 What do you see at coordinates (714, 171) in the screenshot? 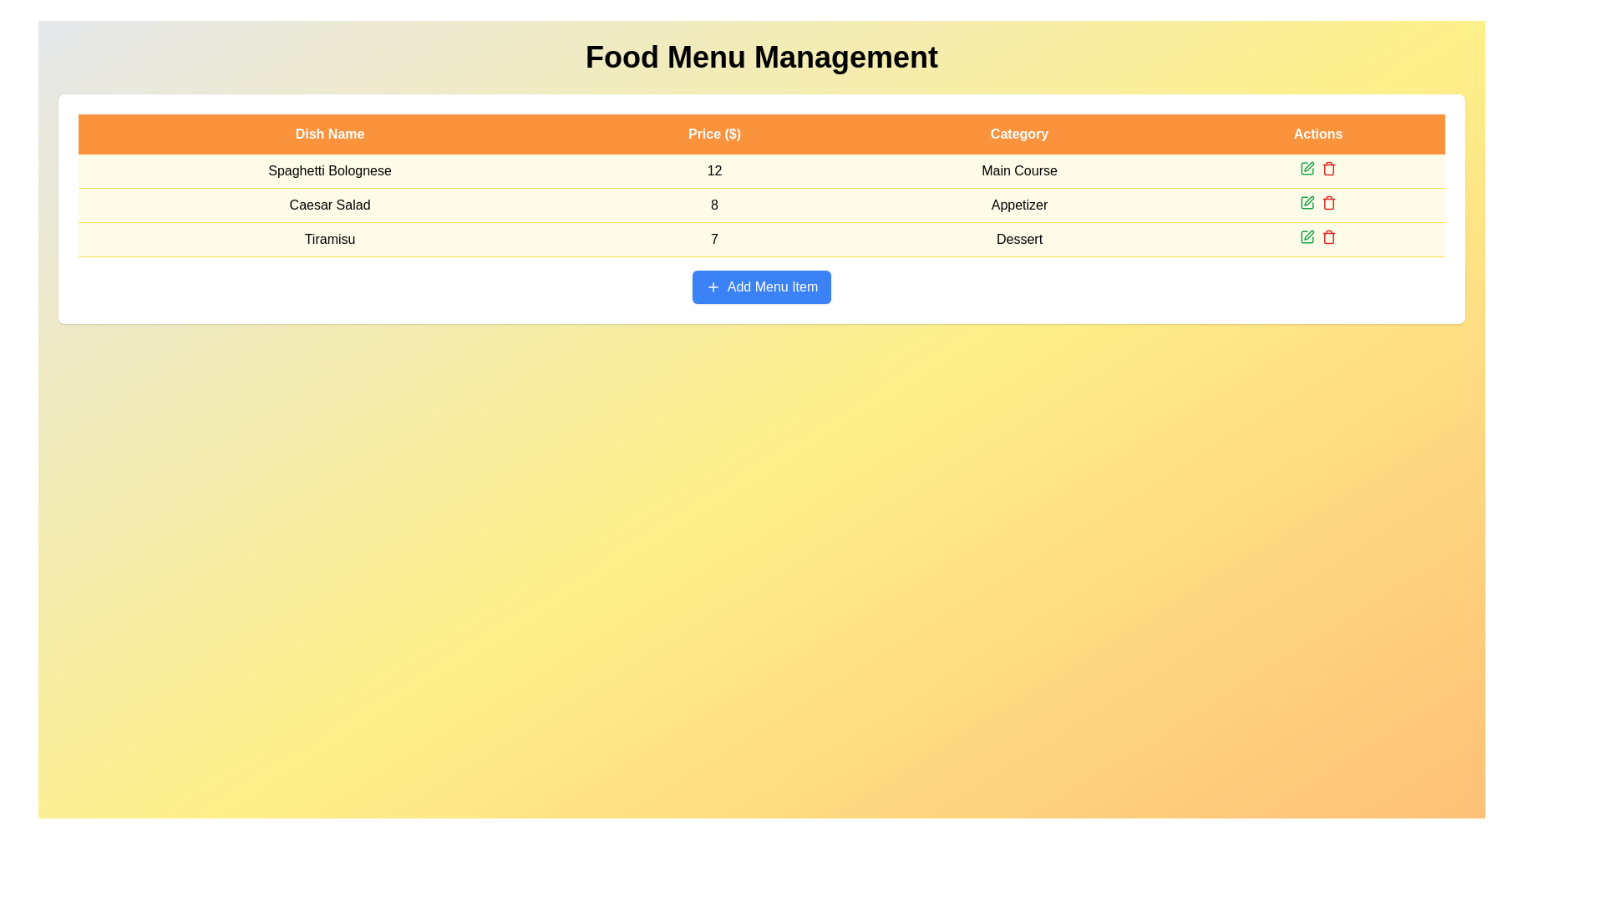
I see `the price label displaying the cost of 'Spaghetti Bolognese' in the 'Price ($)' column of the table` at bounding box center [714, 171].